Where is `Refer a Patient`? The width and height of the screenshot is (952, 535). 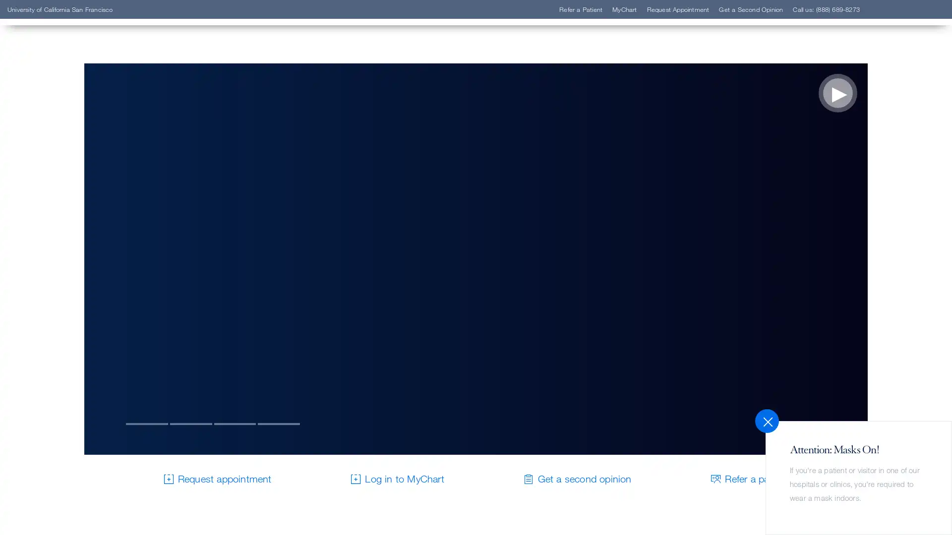
Refer a Patient is located at coordinates (71, 160).